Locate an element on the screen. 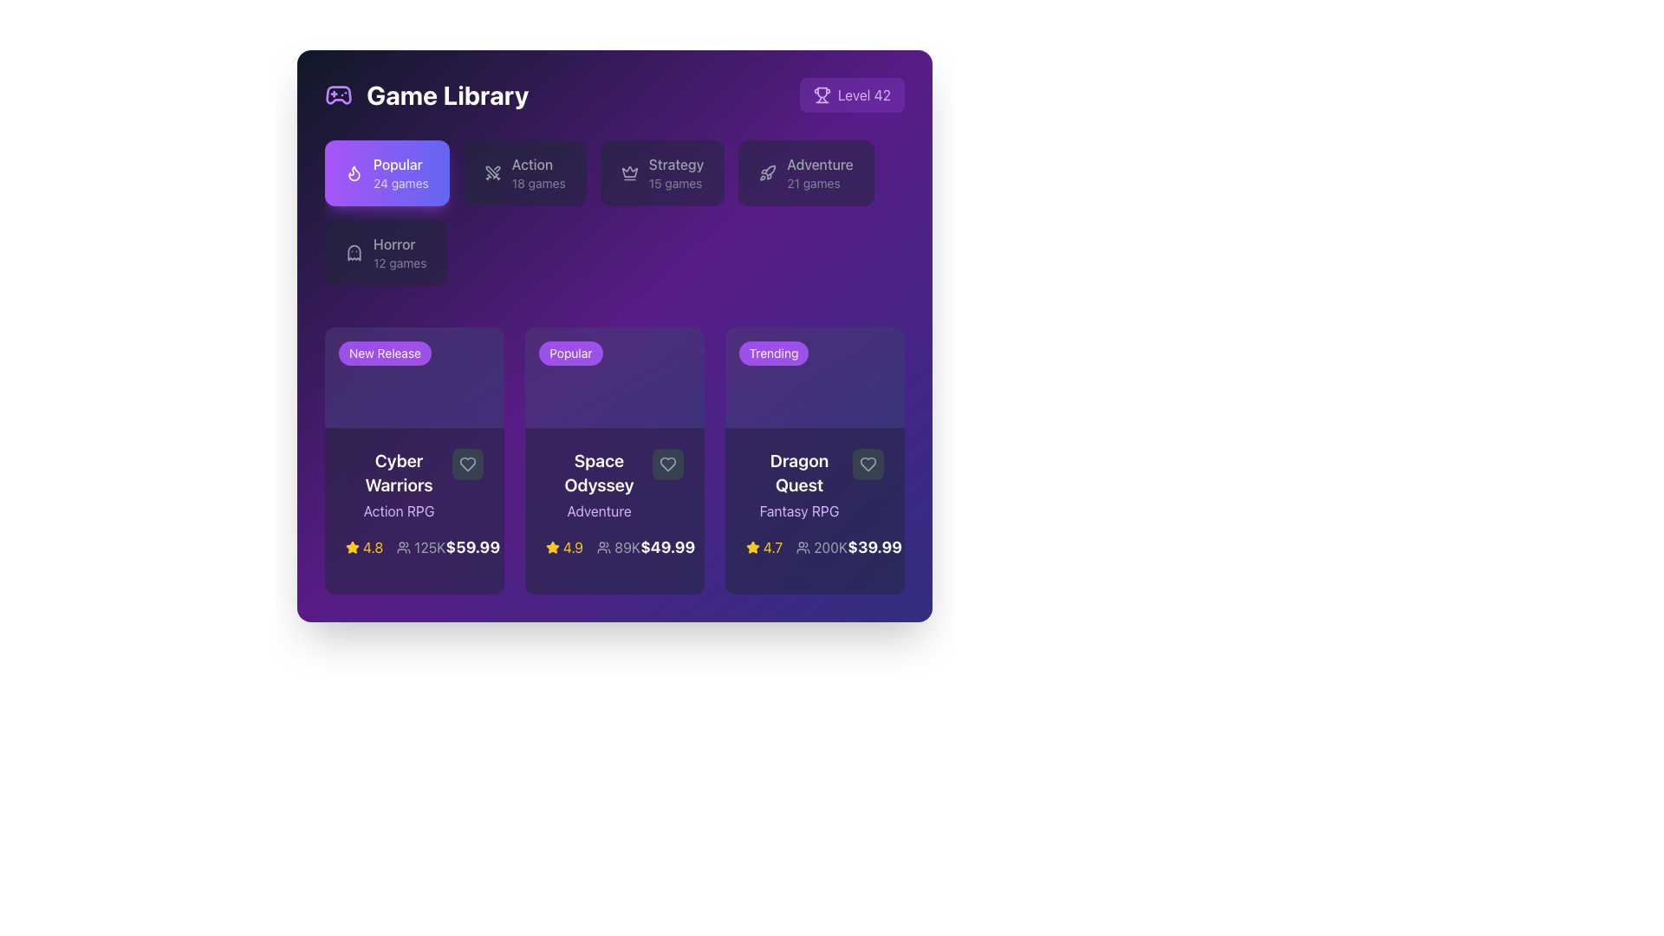 The height and width of the screenshot is (936, 1664). text label displaying '200K' in light gray color, positioned below the rating score and next to the user icon in the Dragon Quest card is located at coordinates (829, 548).